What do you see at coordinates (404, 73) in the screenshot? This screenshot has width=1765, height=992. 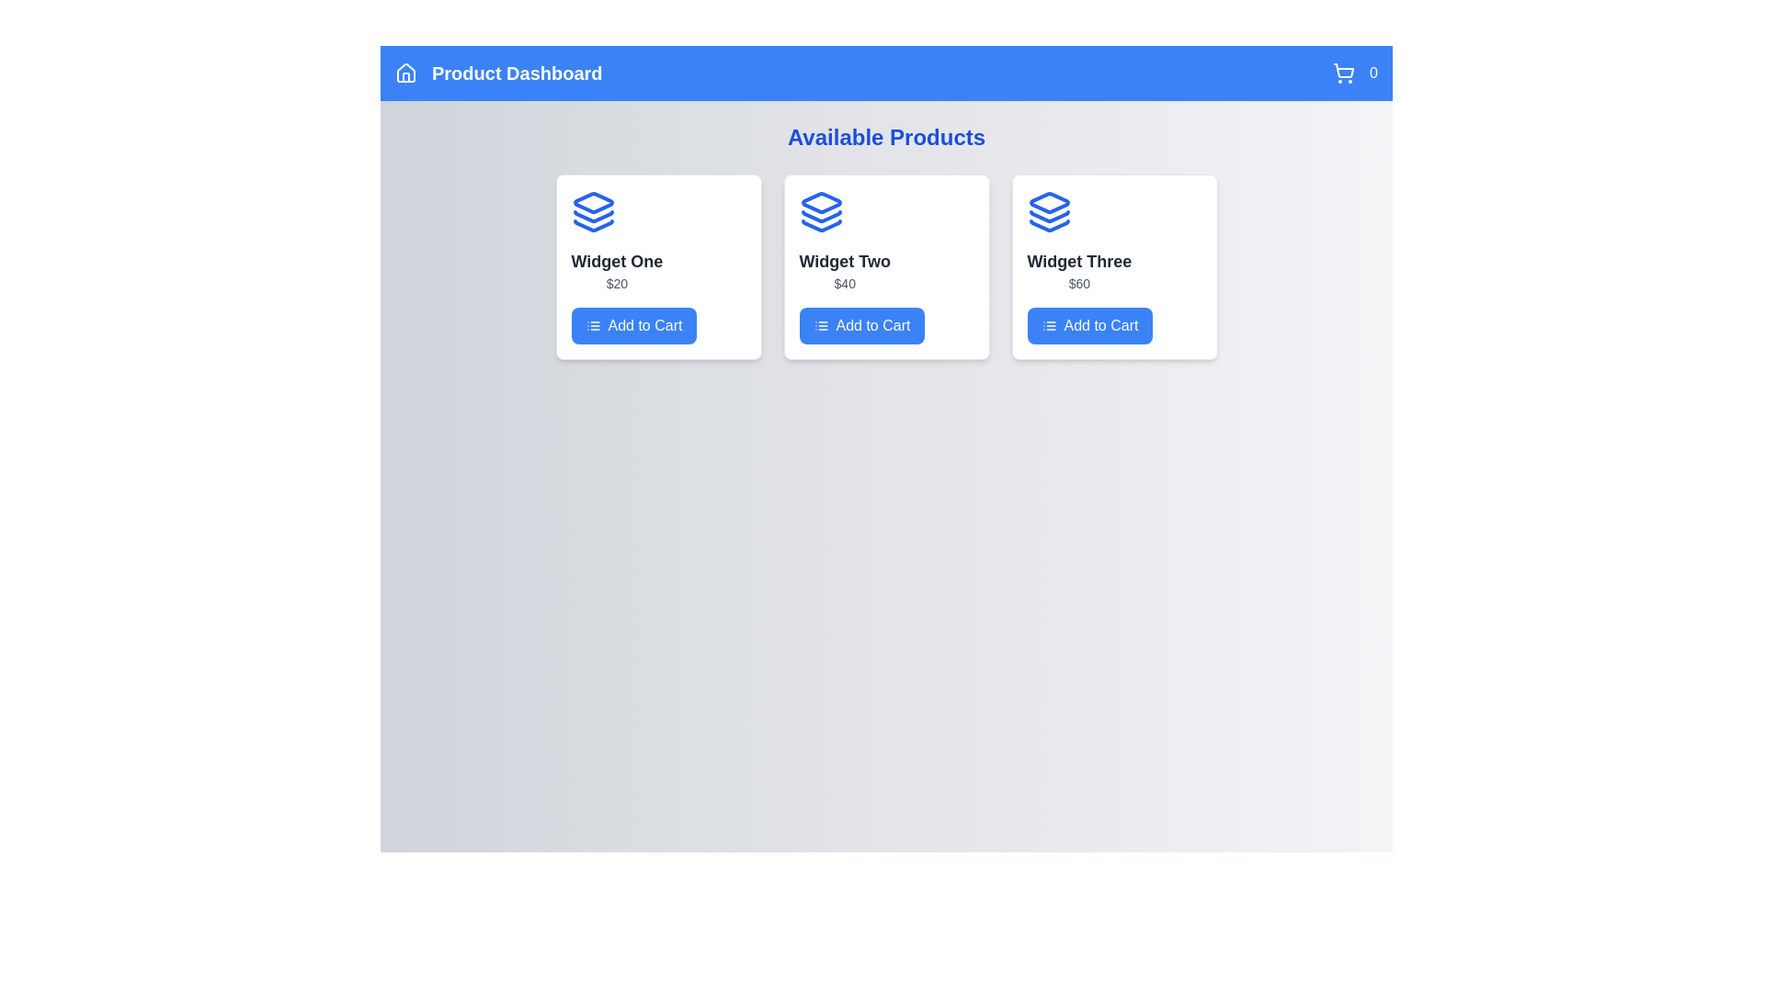 I see `the house icon located in the top-left corner of the blue header bar` at bounding box center [404, 73].